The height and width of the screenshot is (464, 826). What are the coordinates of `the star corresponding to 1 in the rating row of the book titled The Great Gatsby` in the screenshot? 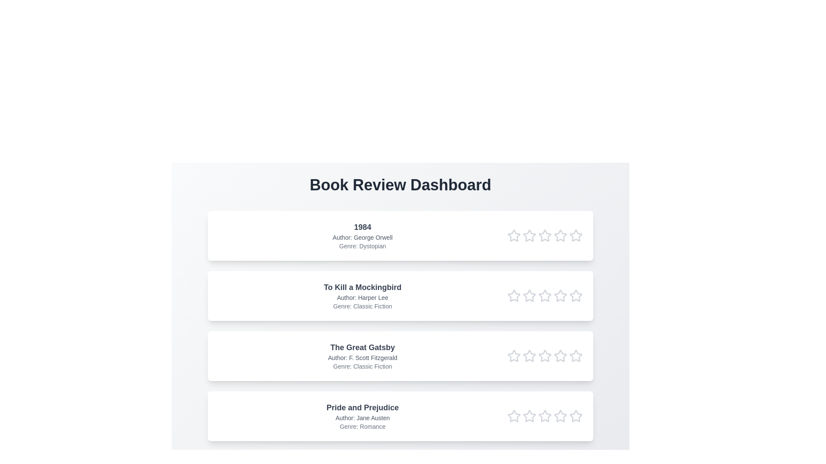 It's located at (514, 356).